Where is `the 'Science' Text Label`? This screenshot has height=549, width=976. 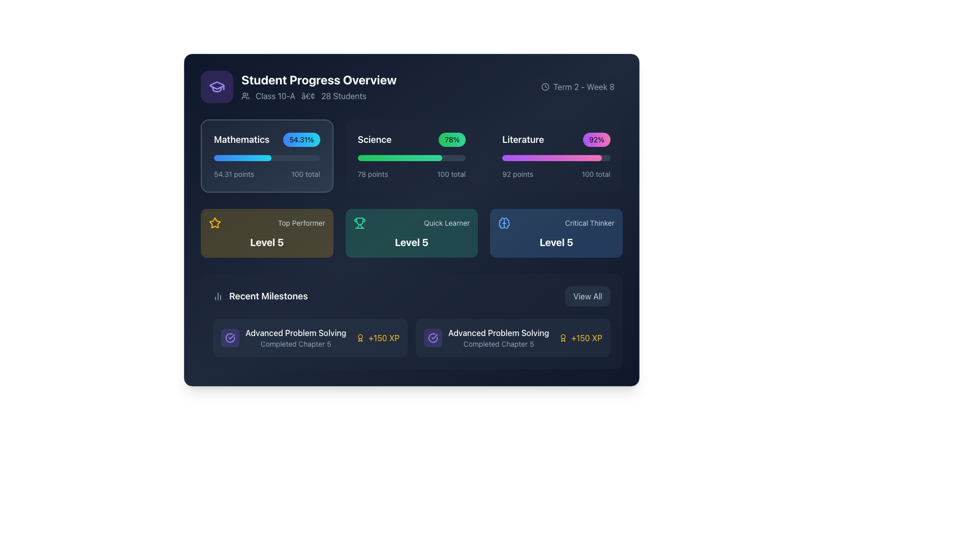 the 'Science' Text Label is located at coordinates (374, 139).